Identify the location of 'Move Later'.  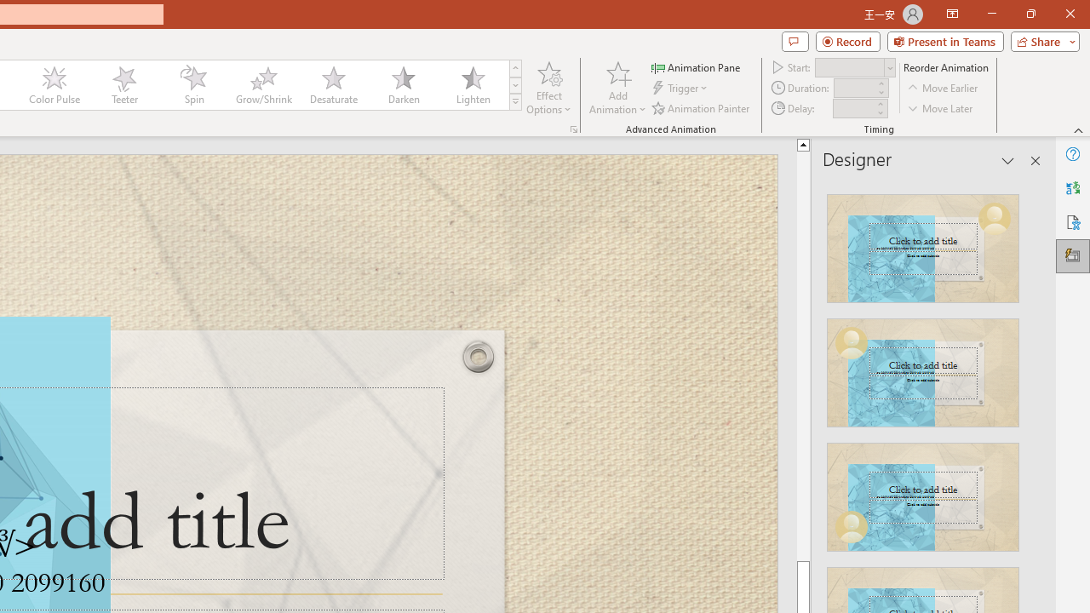
(940, 108).